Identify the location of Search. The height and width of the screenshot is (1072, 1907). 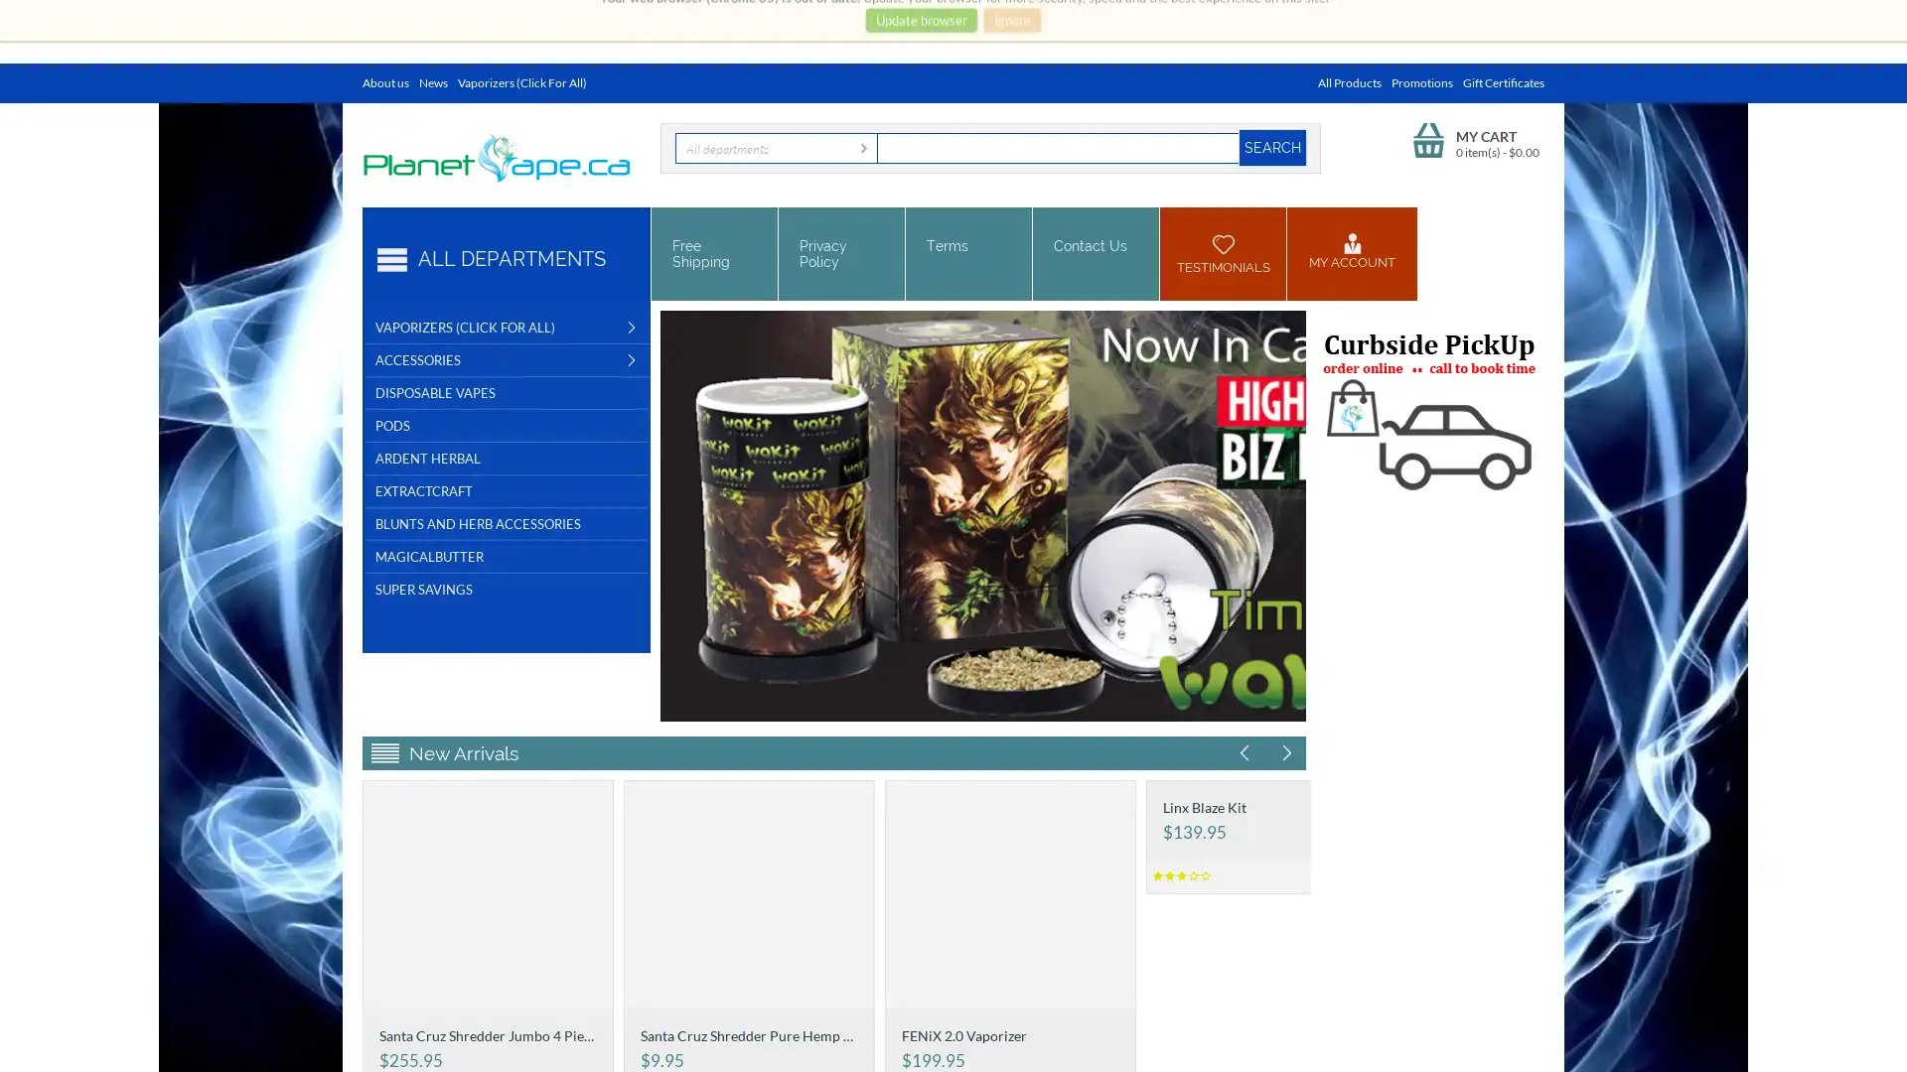
(1272, 147).